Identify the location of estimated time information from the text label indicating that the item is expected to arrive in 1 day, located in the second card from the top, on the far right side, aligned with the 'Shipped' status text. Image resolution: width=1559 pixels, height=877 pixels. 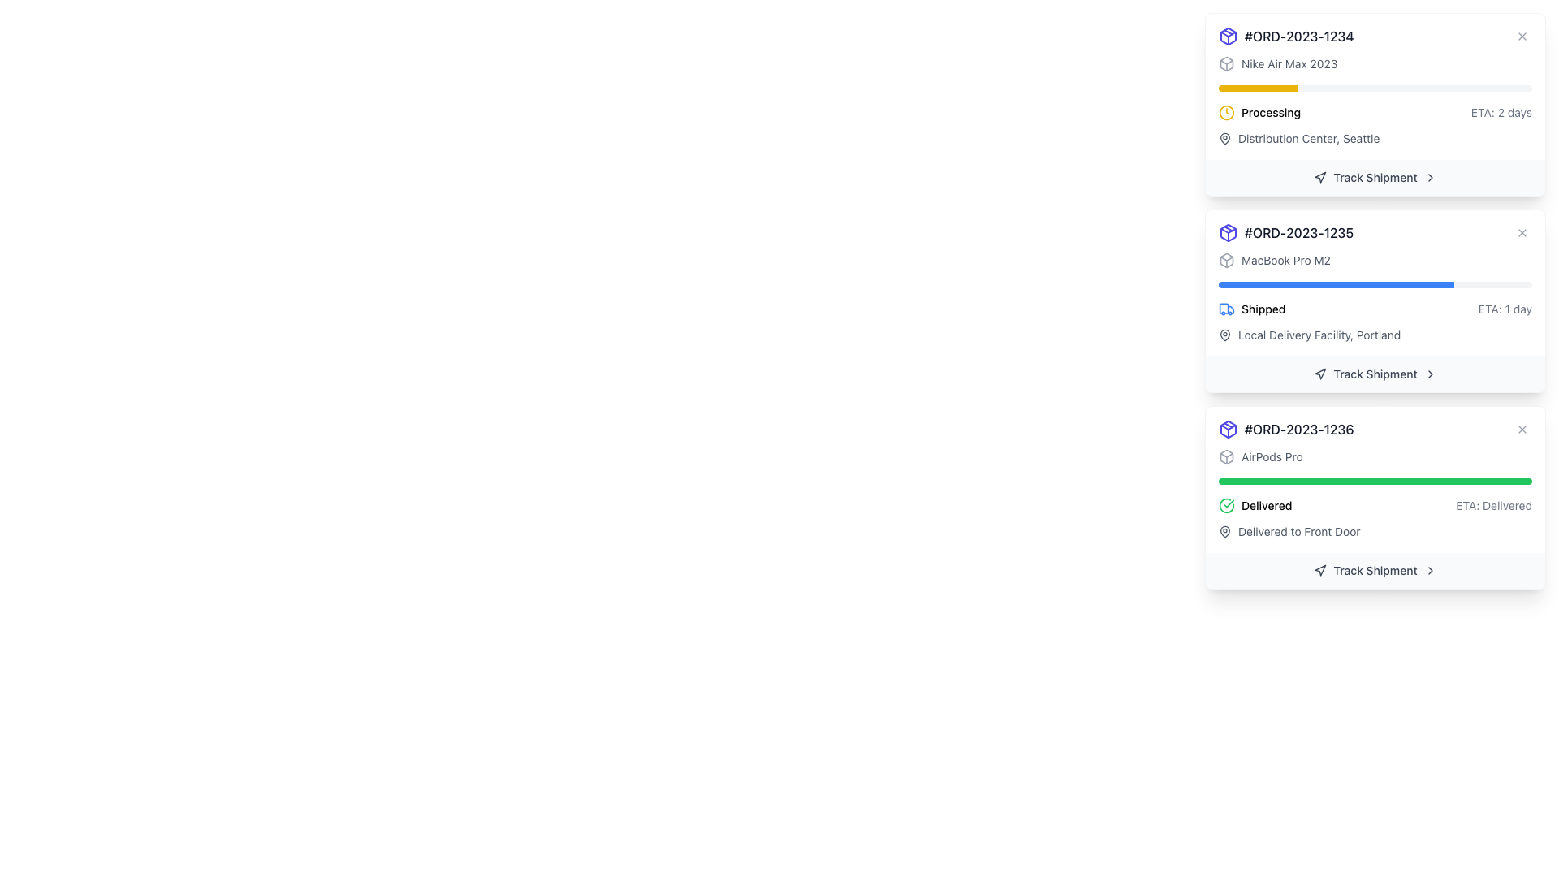
(1504, 309).